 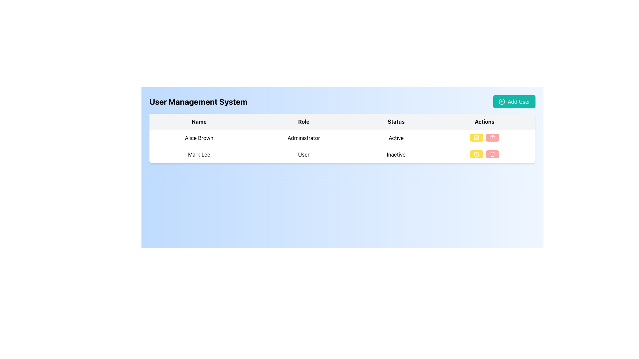 What do you see at coordinates (484, 155) in the screenshot?
I see `the delete button located in the 'Actions' column of the second row in the table, adjacent to the user 'Mark Lee - User - Inactive'` at bounding box center [484, 155].